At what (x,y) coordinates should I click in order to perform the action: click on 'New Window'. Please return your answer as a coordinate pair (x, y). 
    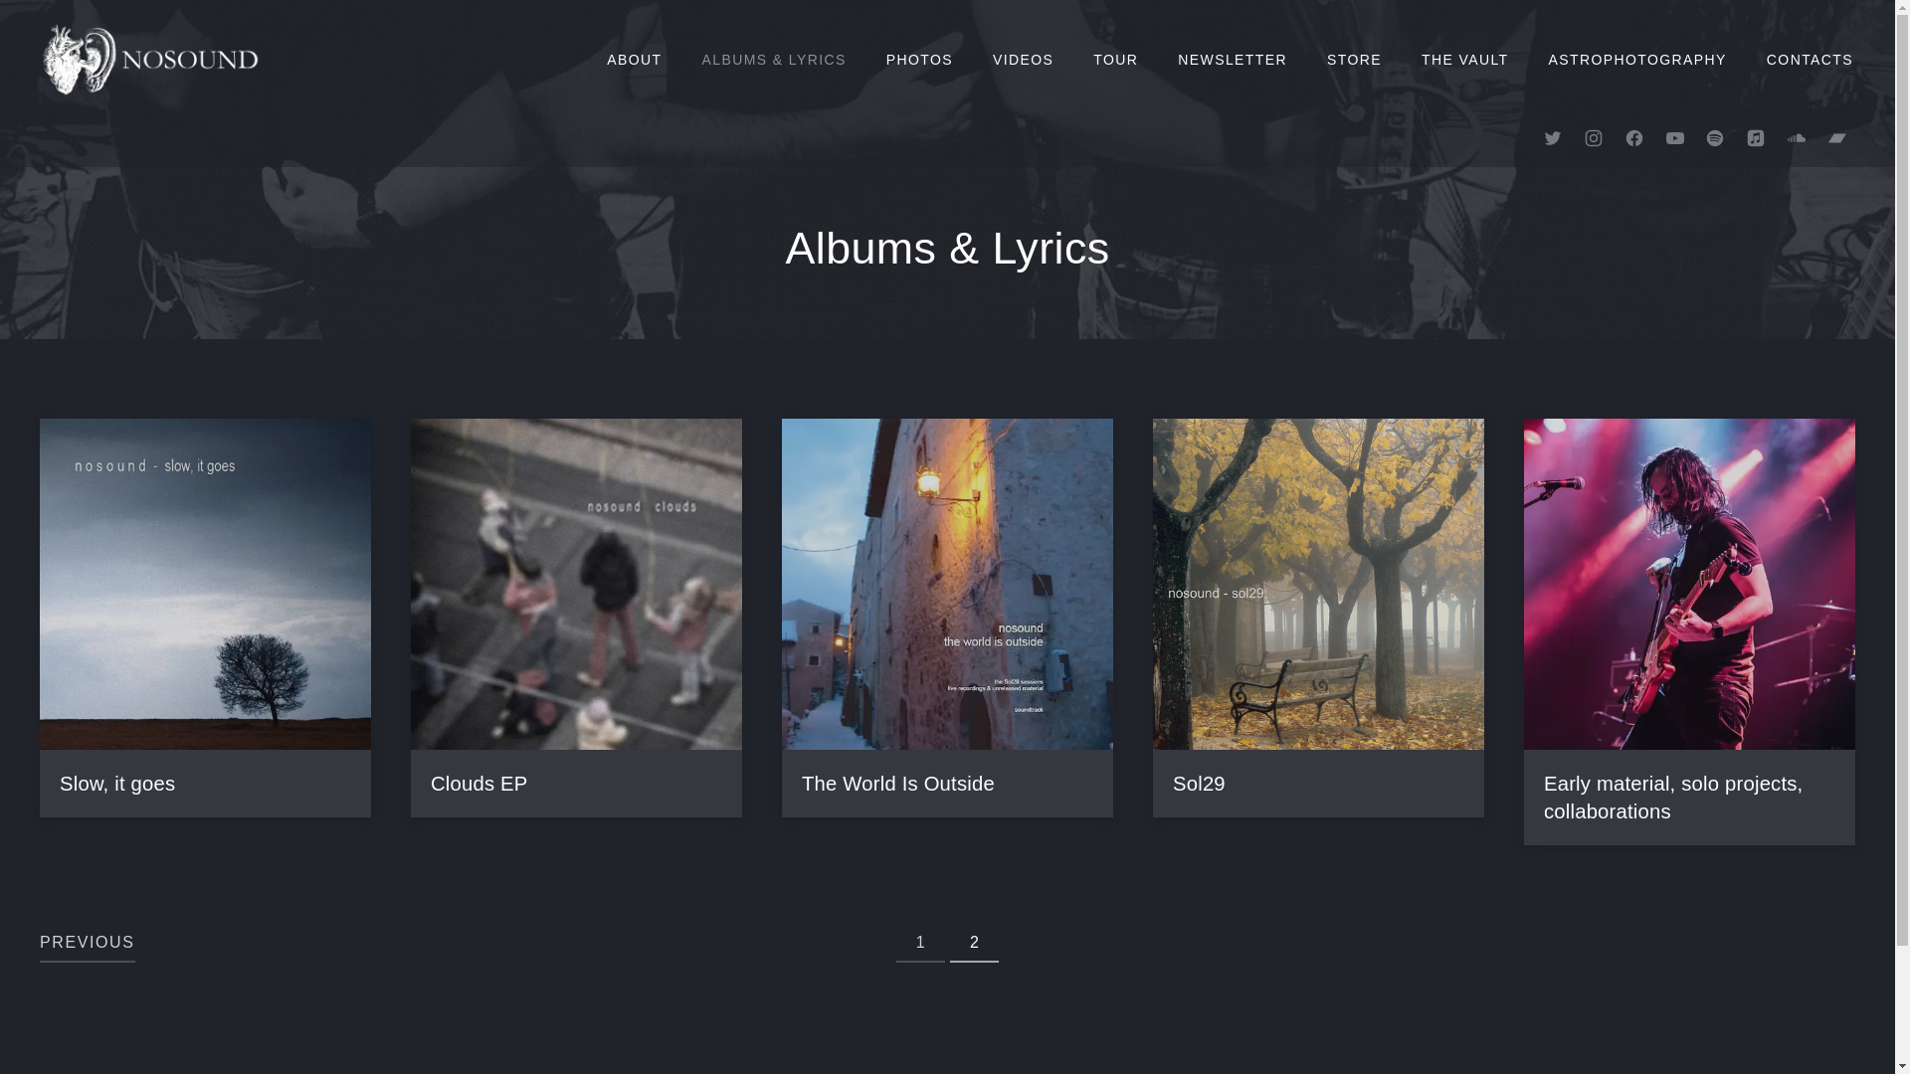
    Looking at the image, I should click on (1674, 136).